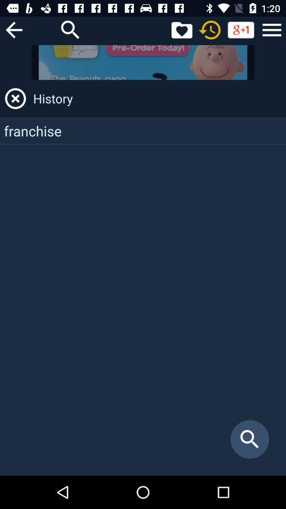 The width and height of the screenshot is (286, 509). I want to click on item at the bottom right corner, so click(249, 439).